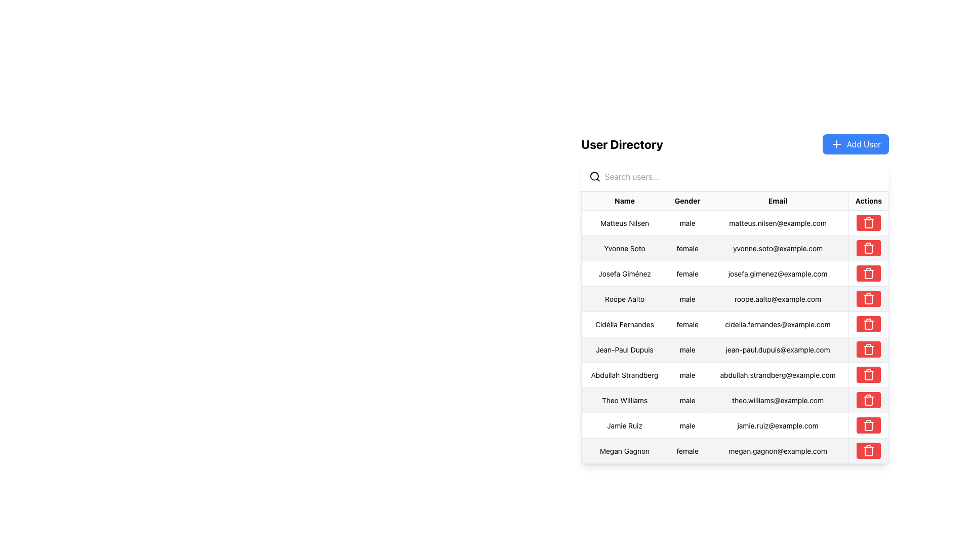  Describe the element at coordinates (777, 201) in the screenshot. I see `the 'Email' table header, which is the third column header in the 'User Directory' interface, positioned between the 'Gender' and 'Actions' headers` at that location.